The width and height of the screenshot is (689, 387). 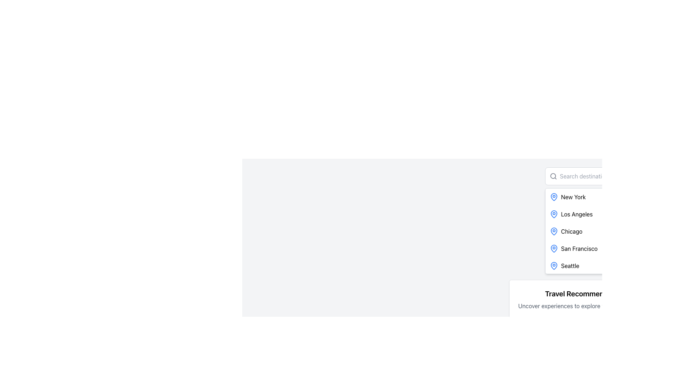 I want to click on the map pin icon located to the left of the text label 'Los Angeles', which is part of the vertical list of city names, so click(x=553, y=214).